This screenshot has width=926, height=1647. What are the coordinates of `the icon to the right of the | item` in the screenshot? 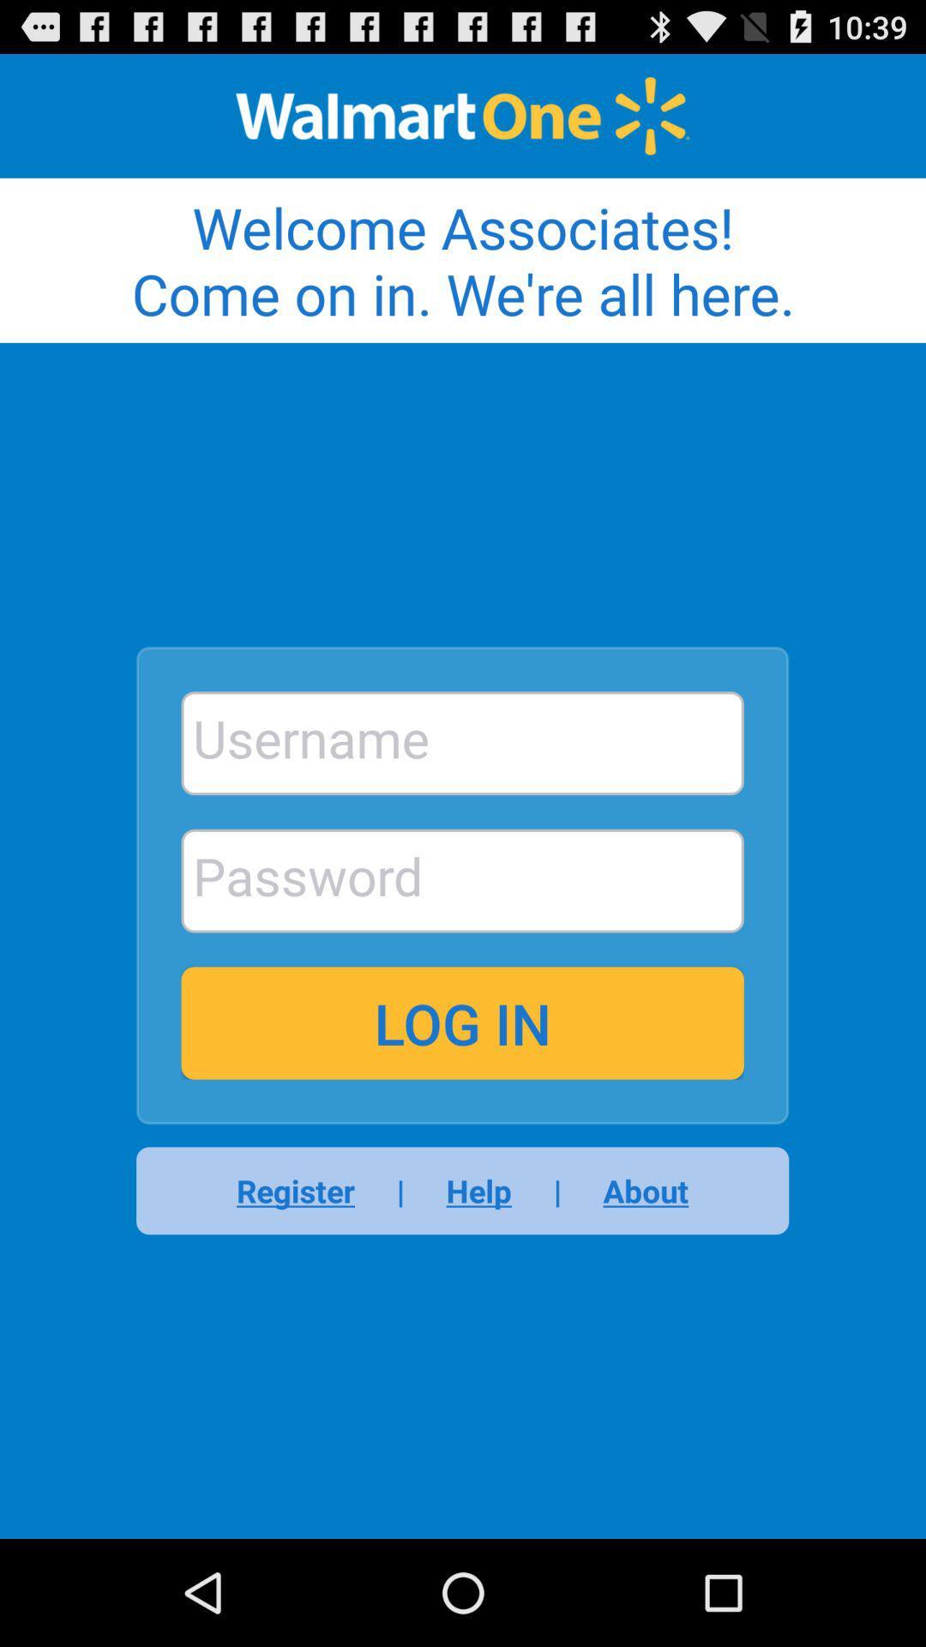 It's located at (478, 1190).